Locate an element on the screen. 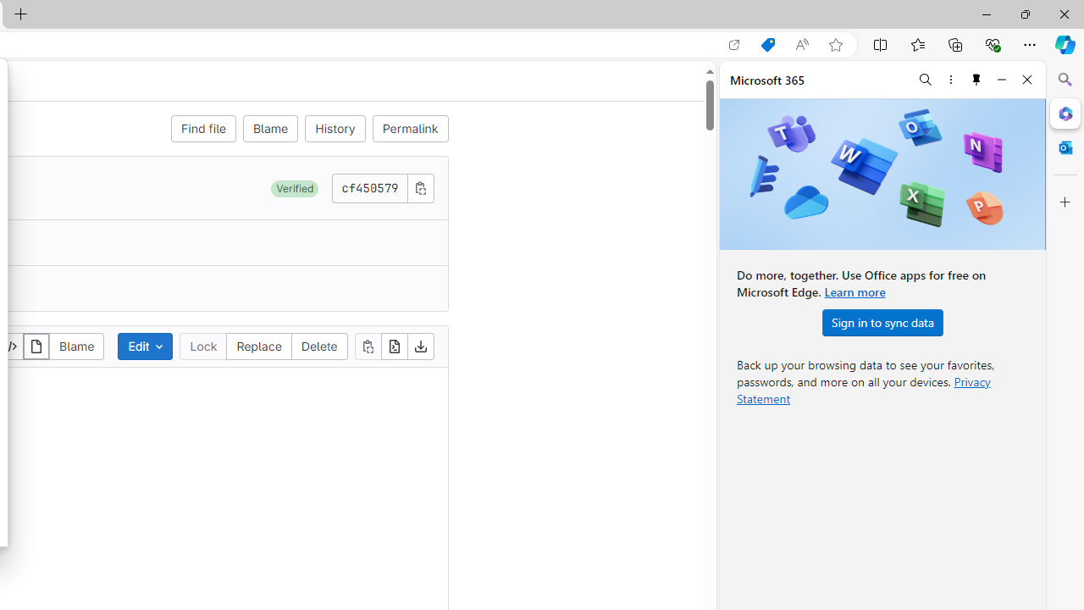  'Copilot (Ctrl+Shift+.)' is located at coordinates (1065, 43).